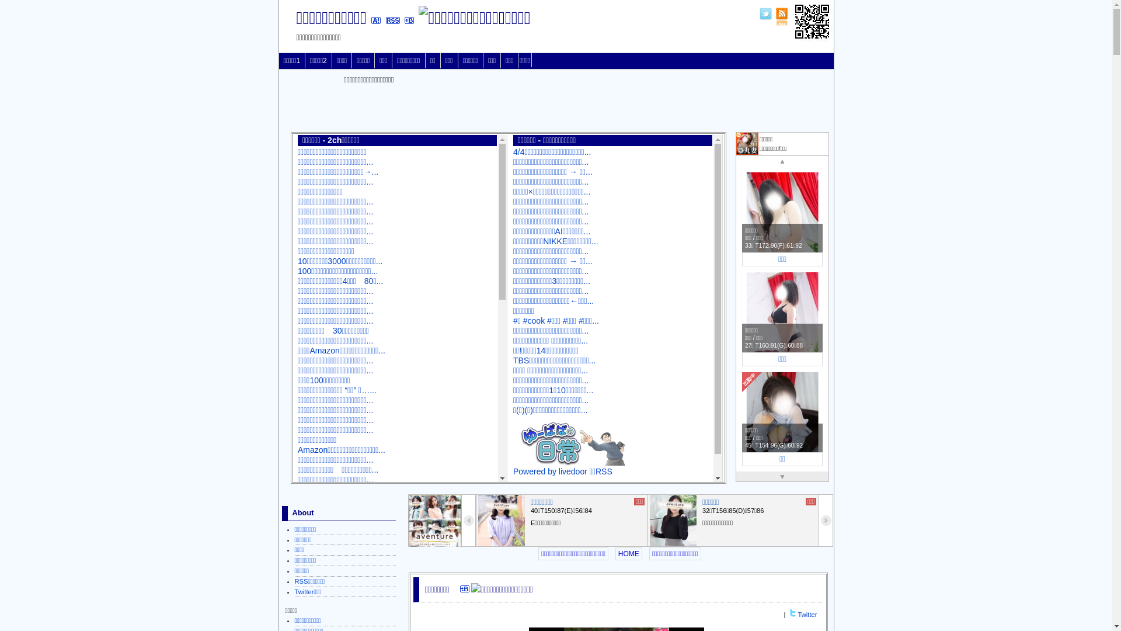 The width and height of the screenshot is (1121, 631). Describe the element at coordinates (798, 614) in the screenshot. I see `'Twitter'` at that location.